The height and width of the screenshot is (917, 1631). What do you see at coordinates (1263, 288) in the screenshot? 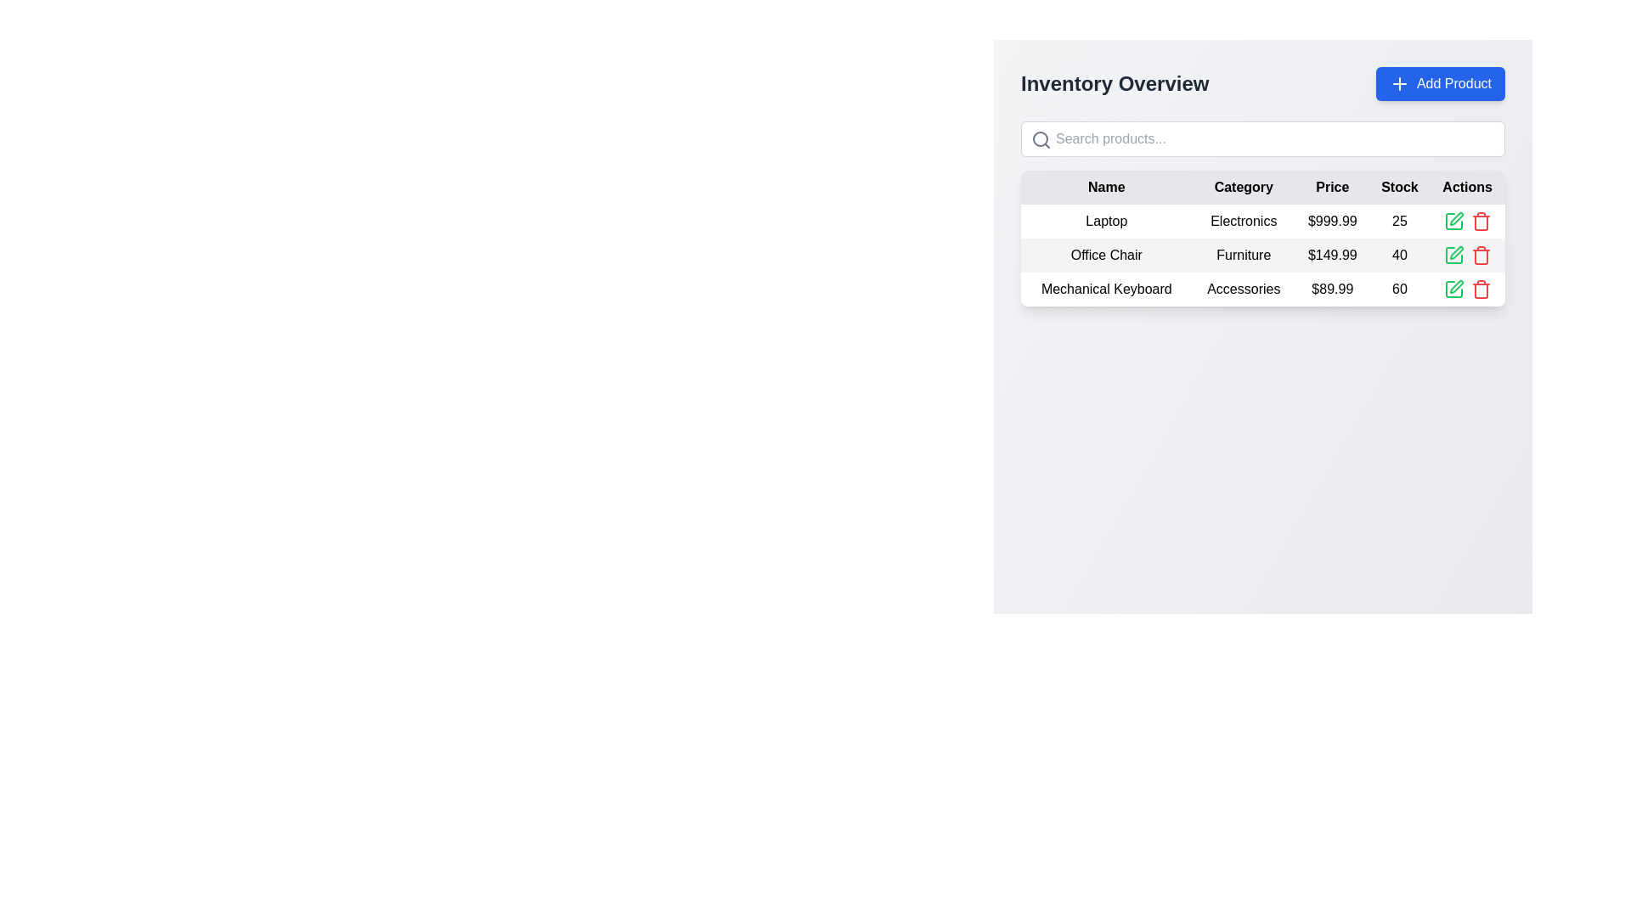
I see `the third row in the 'Inventory Overview' table that contains product information for 'Mechanical Keyboard'` at bounding box center [1263, 288].